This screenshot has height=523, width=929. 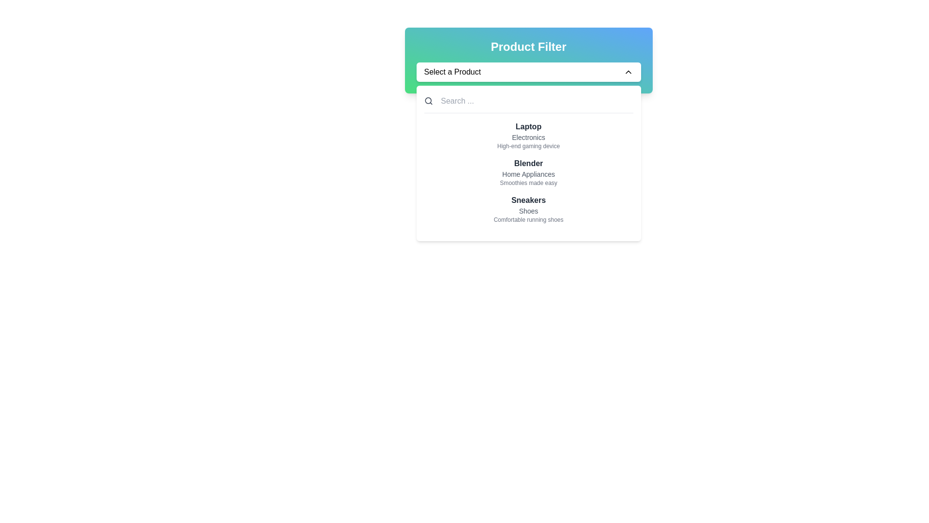 I want to click on the last item in the 'Product Filter' dropdown menu, so click(x=528, y=246).